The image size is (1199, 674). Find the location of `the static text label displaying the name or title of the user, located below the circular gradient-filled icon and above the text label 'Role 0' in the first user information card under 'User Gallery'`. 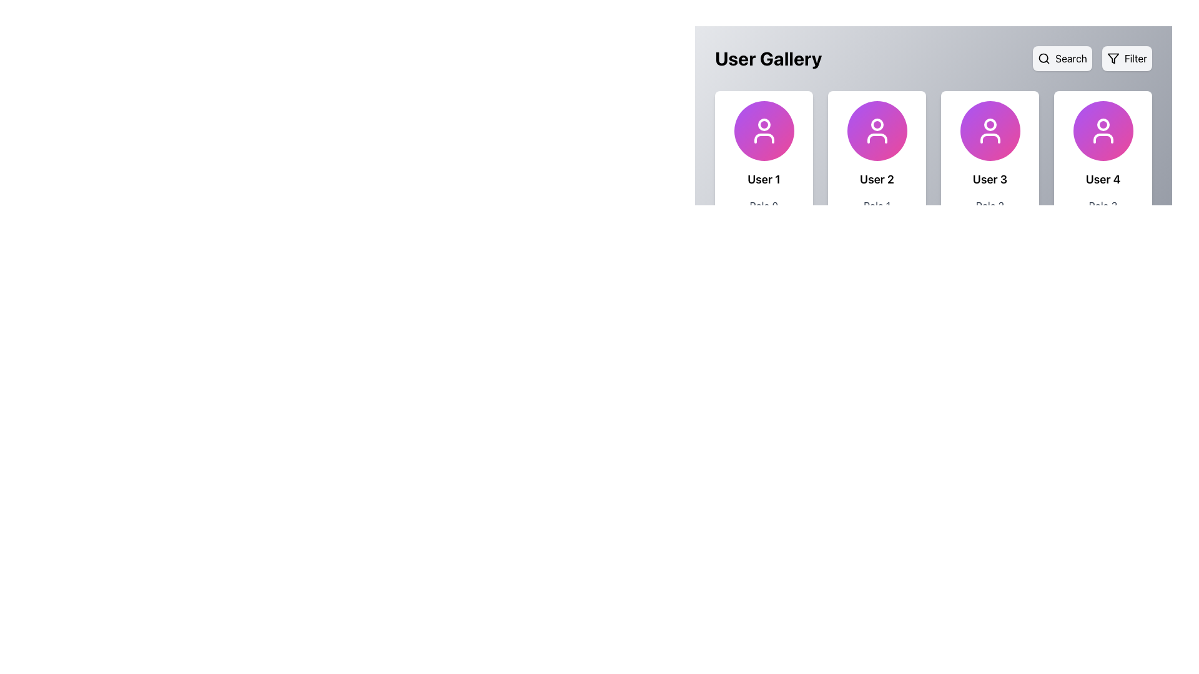

the static text label displaying the name or title of the user, located below the circular gradient-filled icon and above the text label 'Role 0' in the first user information card under 'User Gallery' is located at coordinates (763, 180).